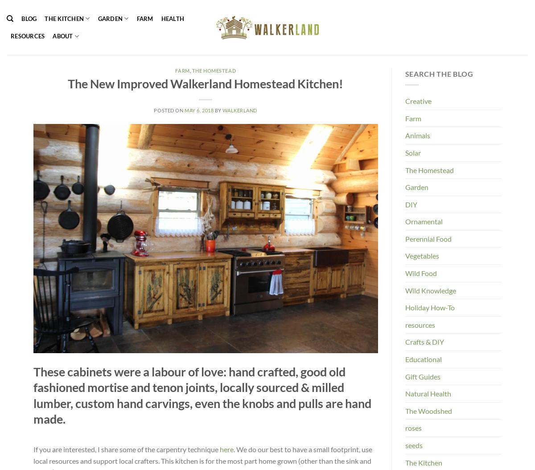 This screenshot has height=470, width=535. Describe the element at coordinates (190, 70) in the screenshot. I see `','` at that location.